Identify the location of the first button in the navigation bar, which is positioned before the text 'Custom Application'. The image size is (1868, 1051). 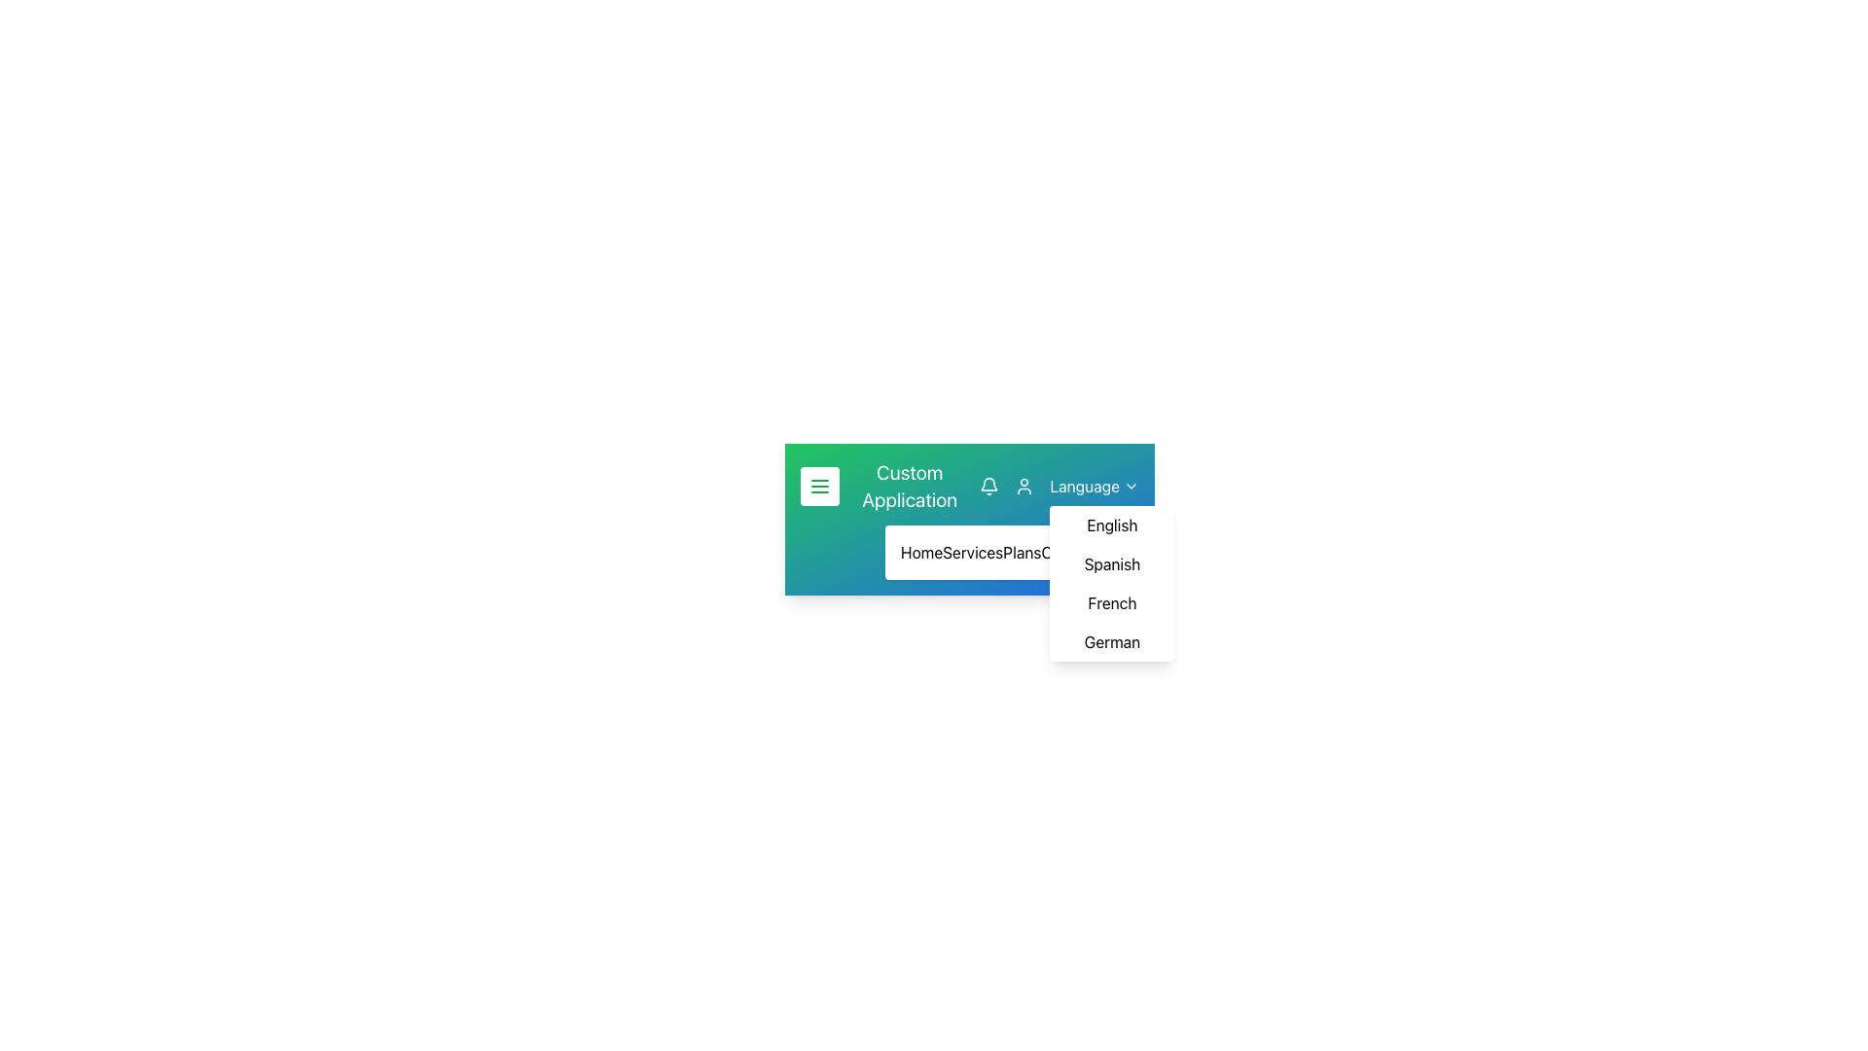
(820, 486).